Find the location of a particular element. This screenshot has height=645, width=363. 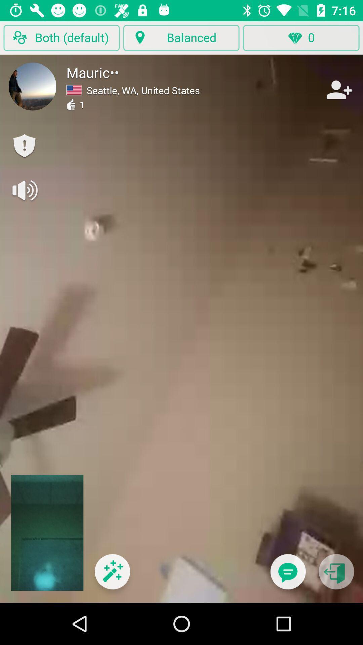

see profile is located at coordinates (33, 86).